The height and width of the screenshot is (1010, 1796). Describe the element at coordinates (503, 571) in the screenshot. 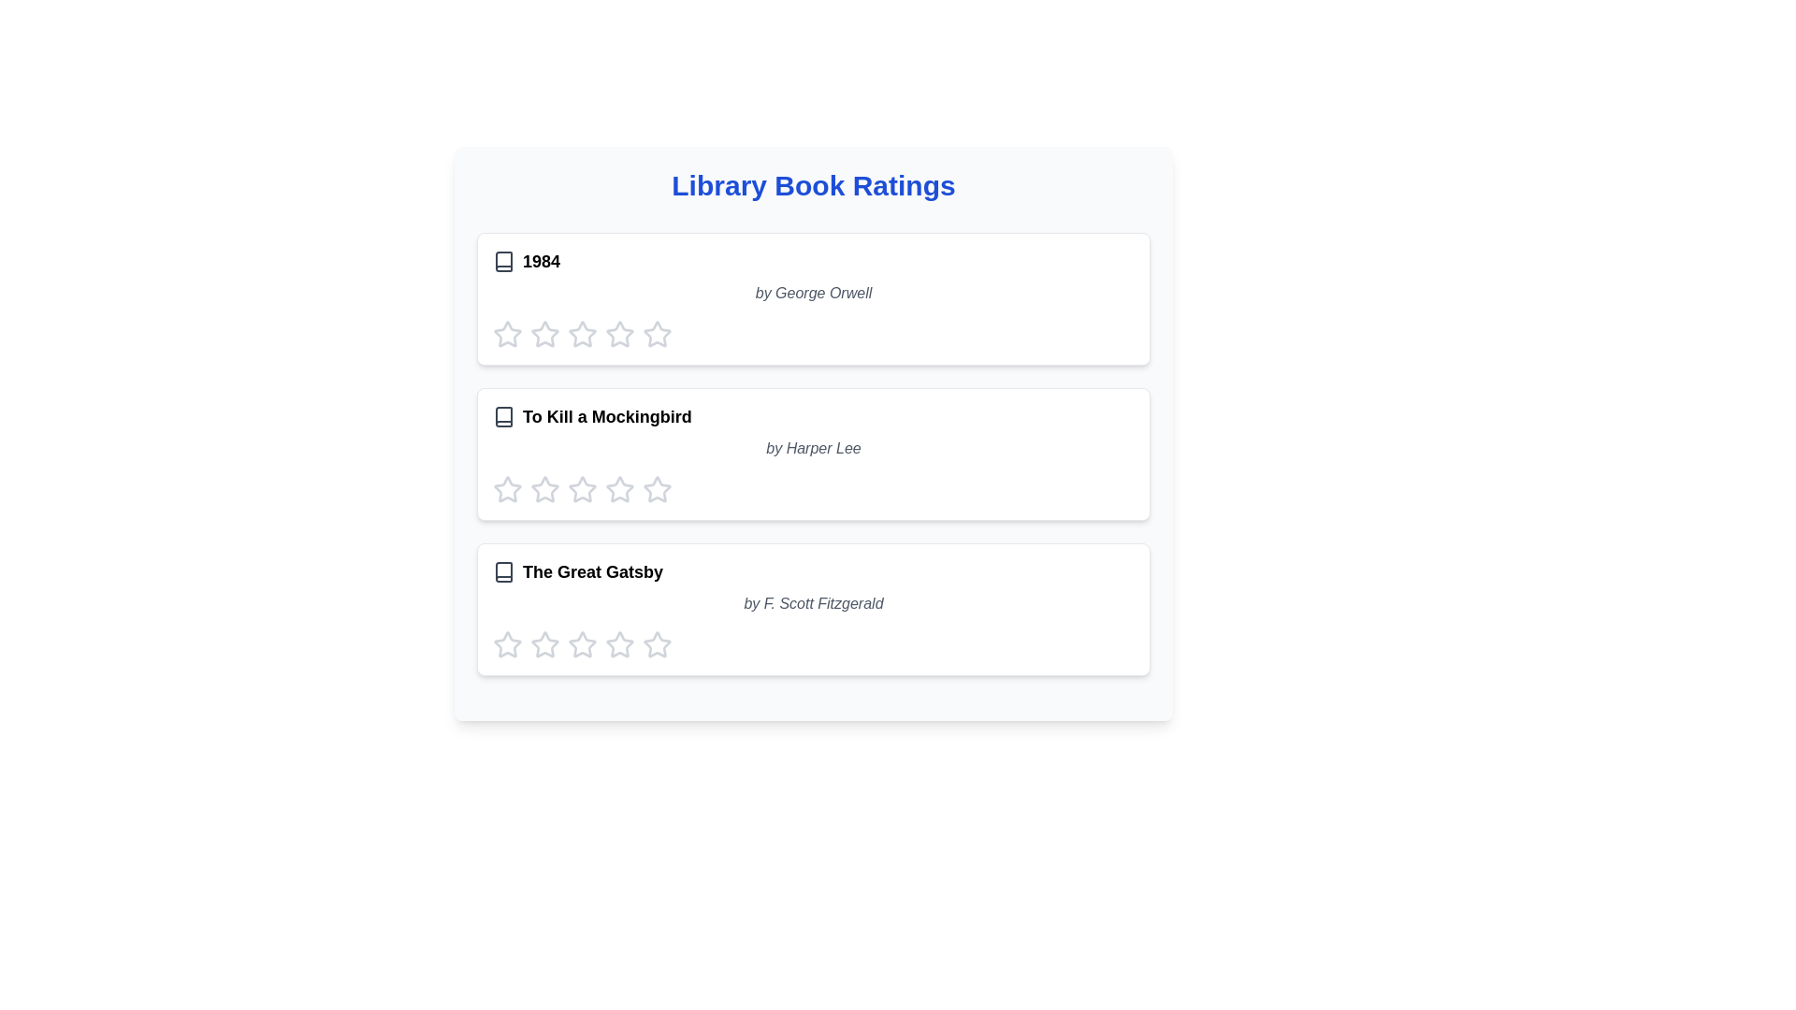

I see `the decorative SVG graphic icon that symbolizes the book content, located to the left of the text 'The Great Gatsby' within the last card in the vertical list of books` at that location.